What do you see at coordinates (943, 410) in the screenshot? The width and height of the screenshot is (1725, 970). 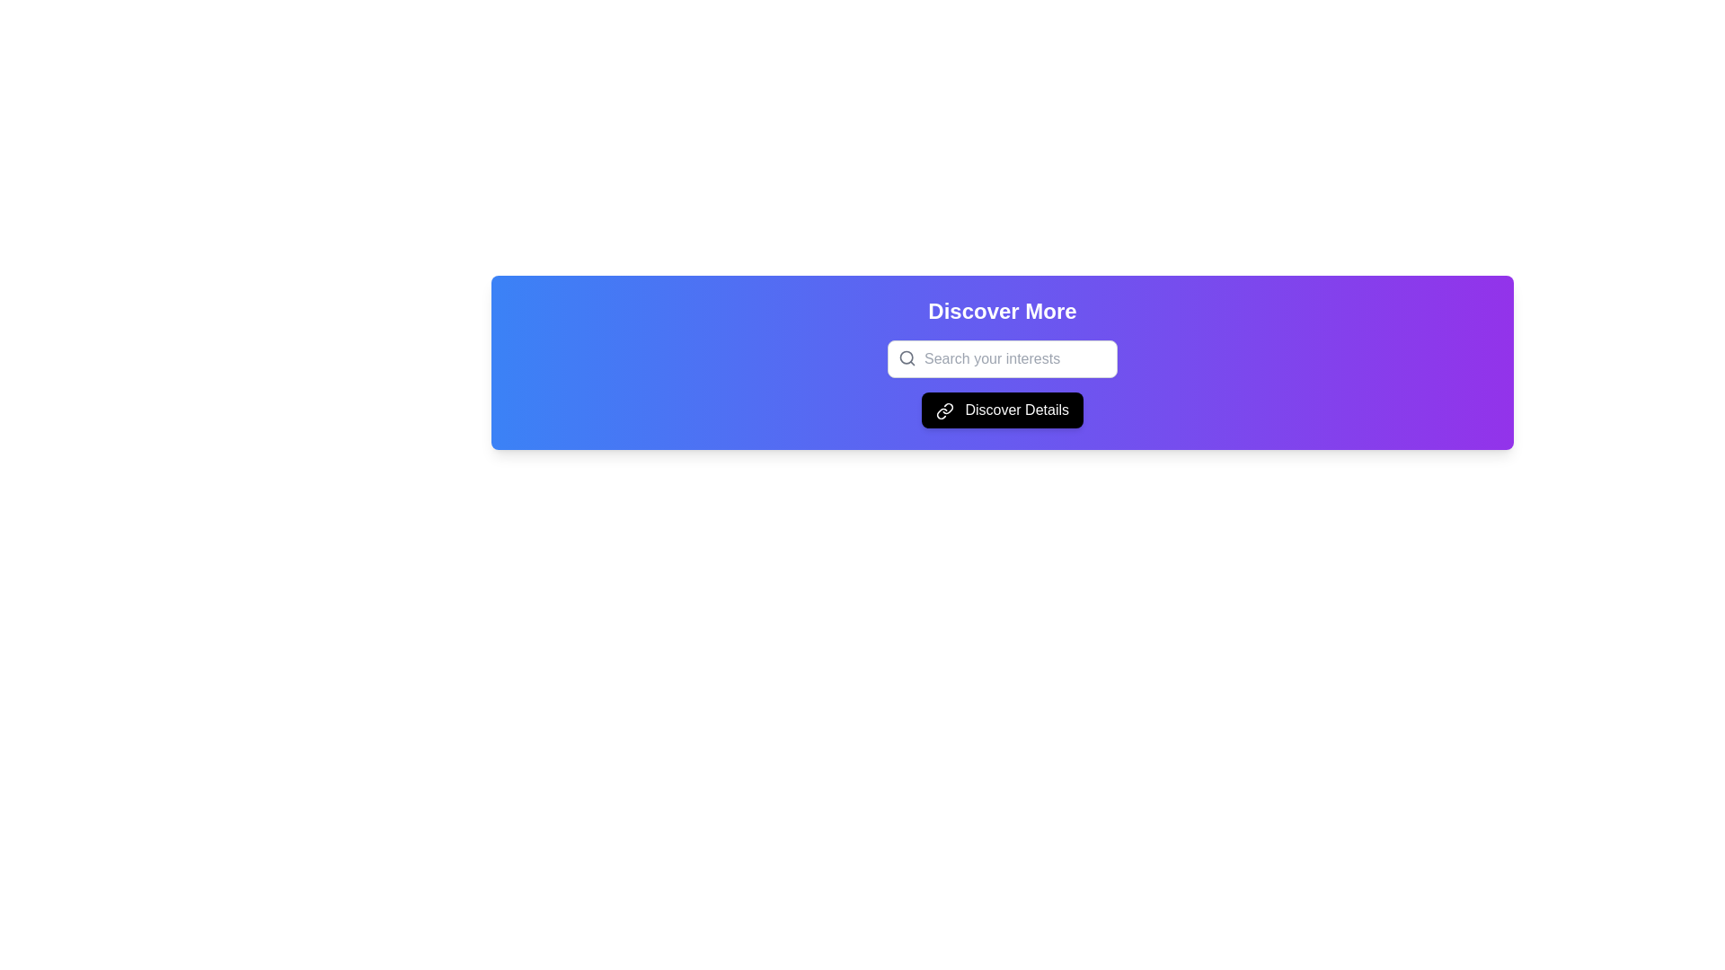 I see `the link icon located to the left of the 'Discover Details' text within a clickable button` at bounding box center [943, 410].